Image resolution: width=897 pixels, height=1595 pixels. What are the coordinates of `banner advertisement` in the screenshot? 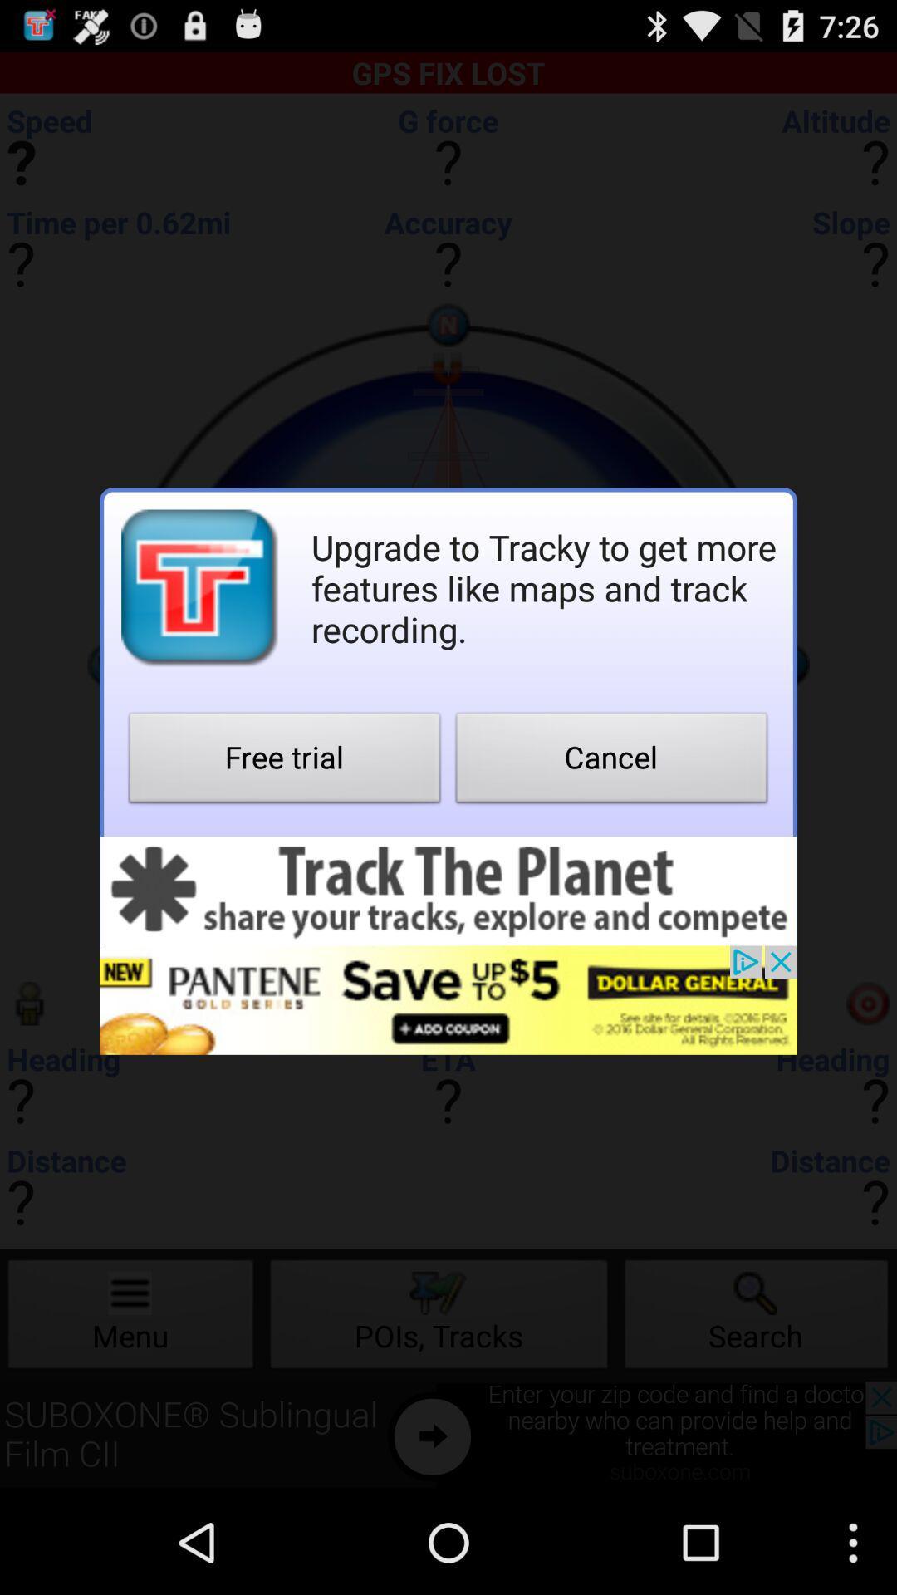 It's located at (448, 890).